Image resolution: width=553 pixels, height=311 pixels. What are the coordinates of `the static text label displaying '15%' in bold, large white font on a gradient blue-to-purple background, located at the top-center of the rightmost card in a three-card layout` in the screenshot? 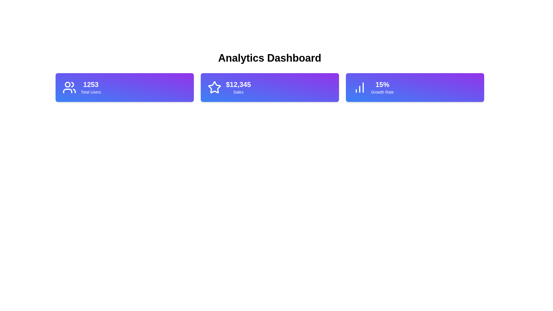 It's located at (382, 84).